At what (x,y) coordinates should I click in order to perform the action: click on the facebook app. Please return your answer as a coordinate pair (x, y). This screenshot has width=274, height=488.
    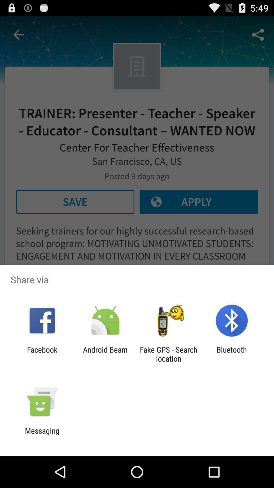
    Looking at the image, I should click on (42, 354).